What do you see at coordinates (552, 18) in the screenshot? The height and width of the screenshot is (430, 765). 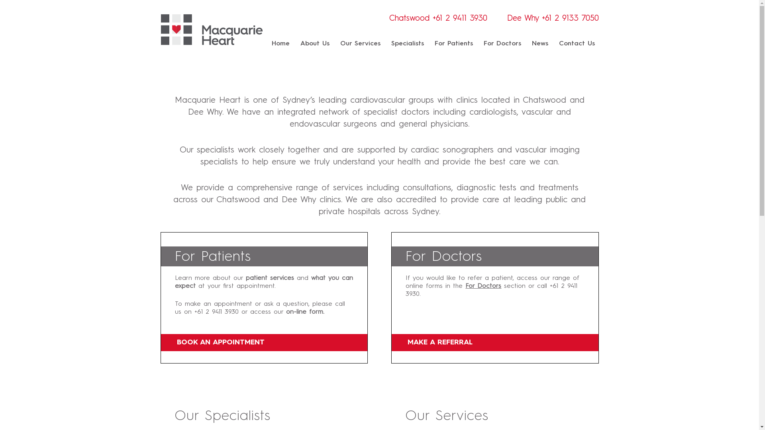 I see `'Dee Why +61 2 9133 7050'` at bounding box center [552, 18].